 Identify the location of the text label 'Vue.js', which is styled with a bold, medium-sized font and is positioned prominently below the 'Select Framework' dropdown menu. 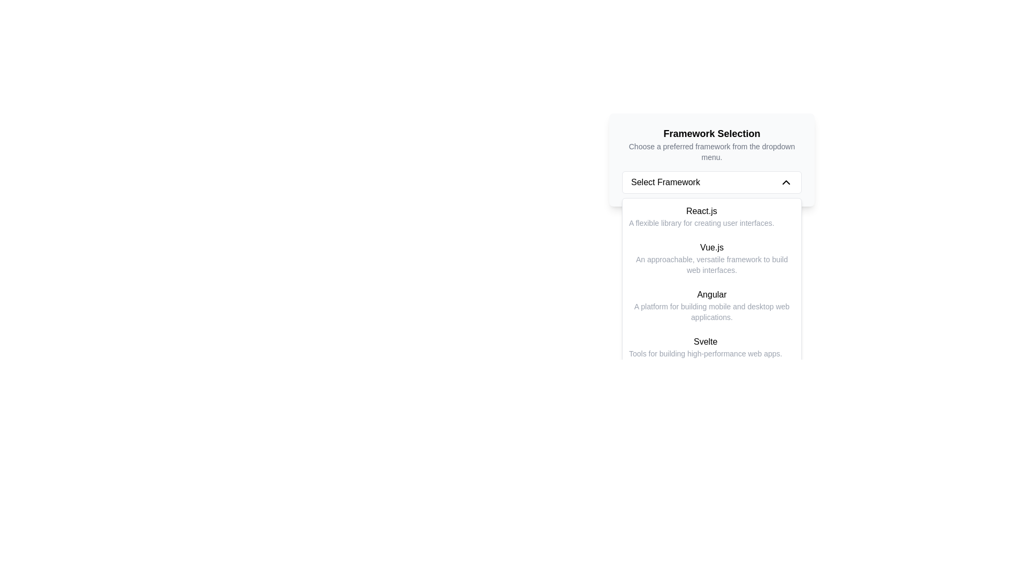
(711, 247).